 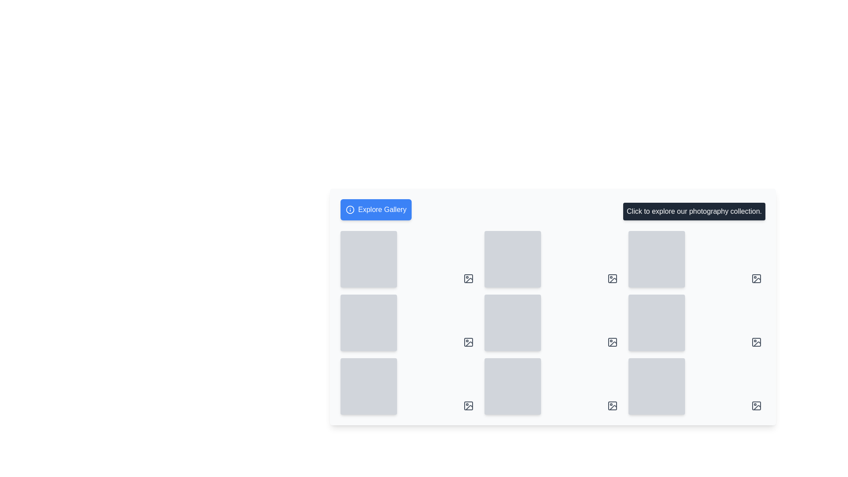 I want to click on the second tile in the leftmost vertical column, which is a square-shaped tile with rounded corners and a light gray background, so click(x=369, y=323).